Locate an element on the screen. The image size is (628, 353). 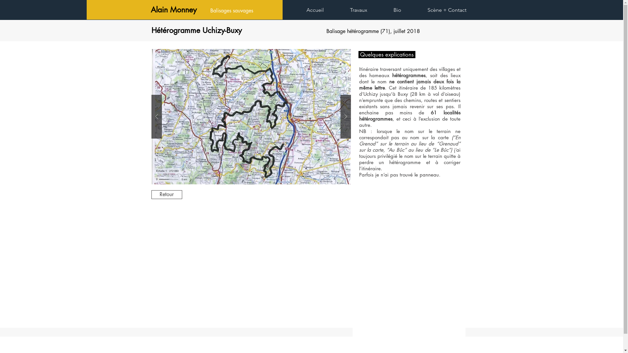
'Accueil' is located at coordinates (323, 10).